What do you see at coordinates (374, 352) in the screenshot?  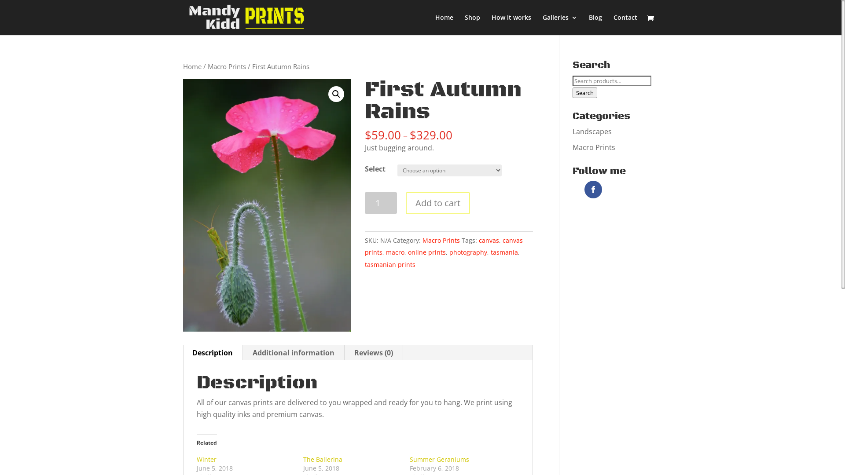 I see `'Reviews (0)'` at bounding box center [374, 352].